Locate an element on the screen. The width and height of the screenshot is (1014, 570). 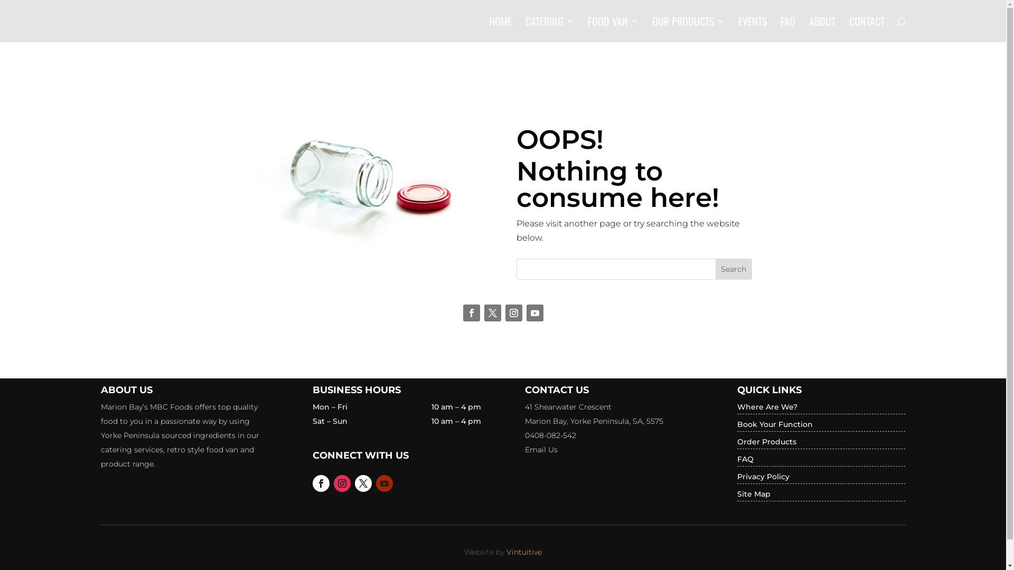
'Follow on Instagram' is located at coordinates (342, 483).